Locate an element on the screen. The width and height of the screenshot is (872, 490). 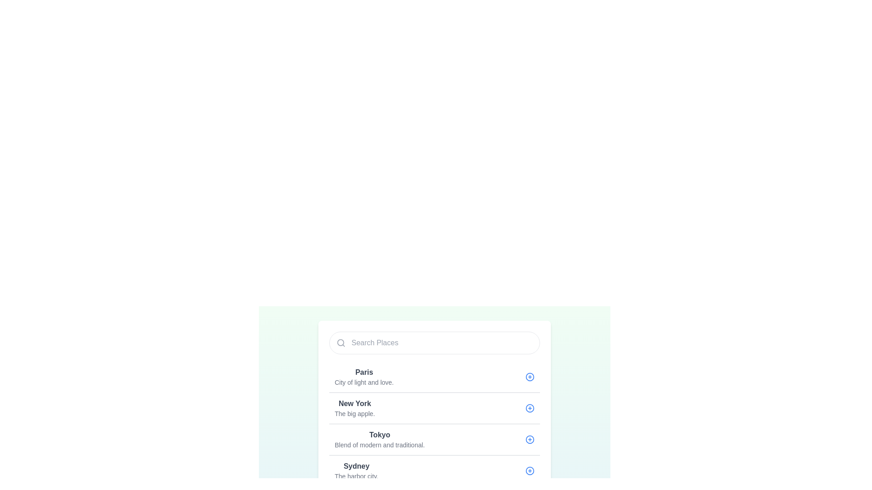
the text label displaying 'Sydney' in the fourth list item, which serves as a title or headline for the associated location is located at coordinates (356, 466).